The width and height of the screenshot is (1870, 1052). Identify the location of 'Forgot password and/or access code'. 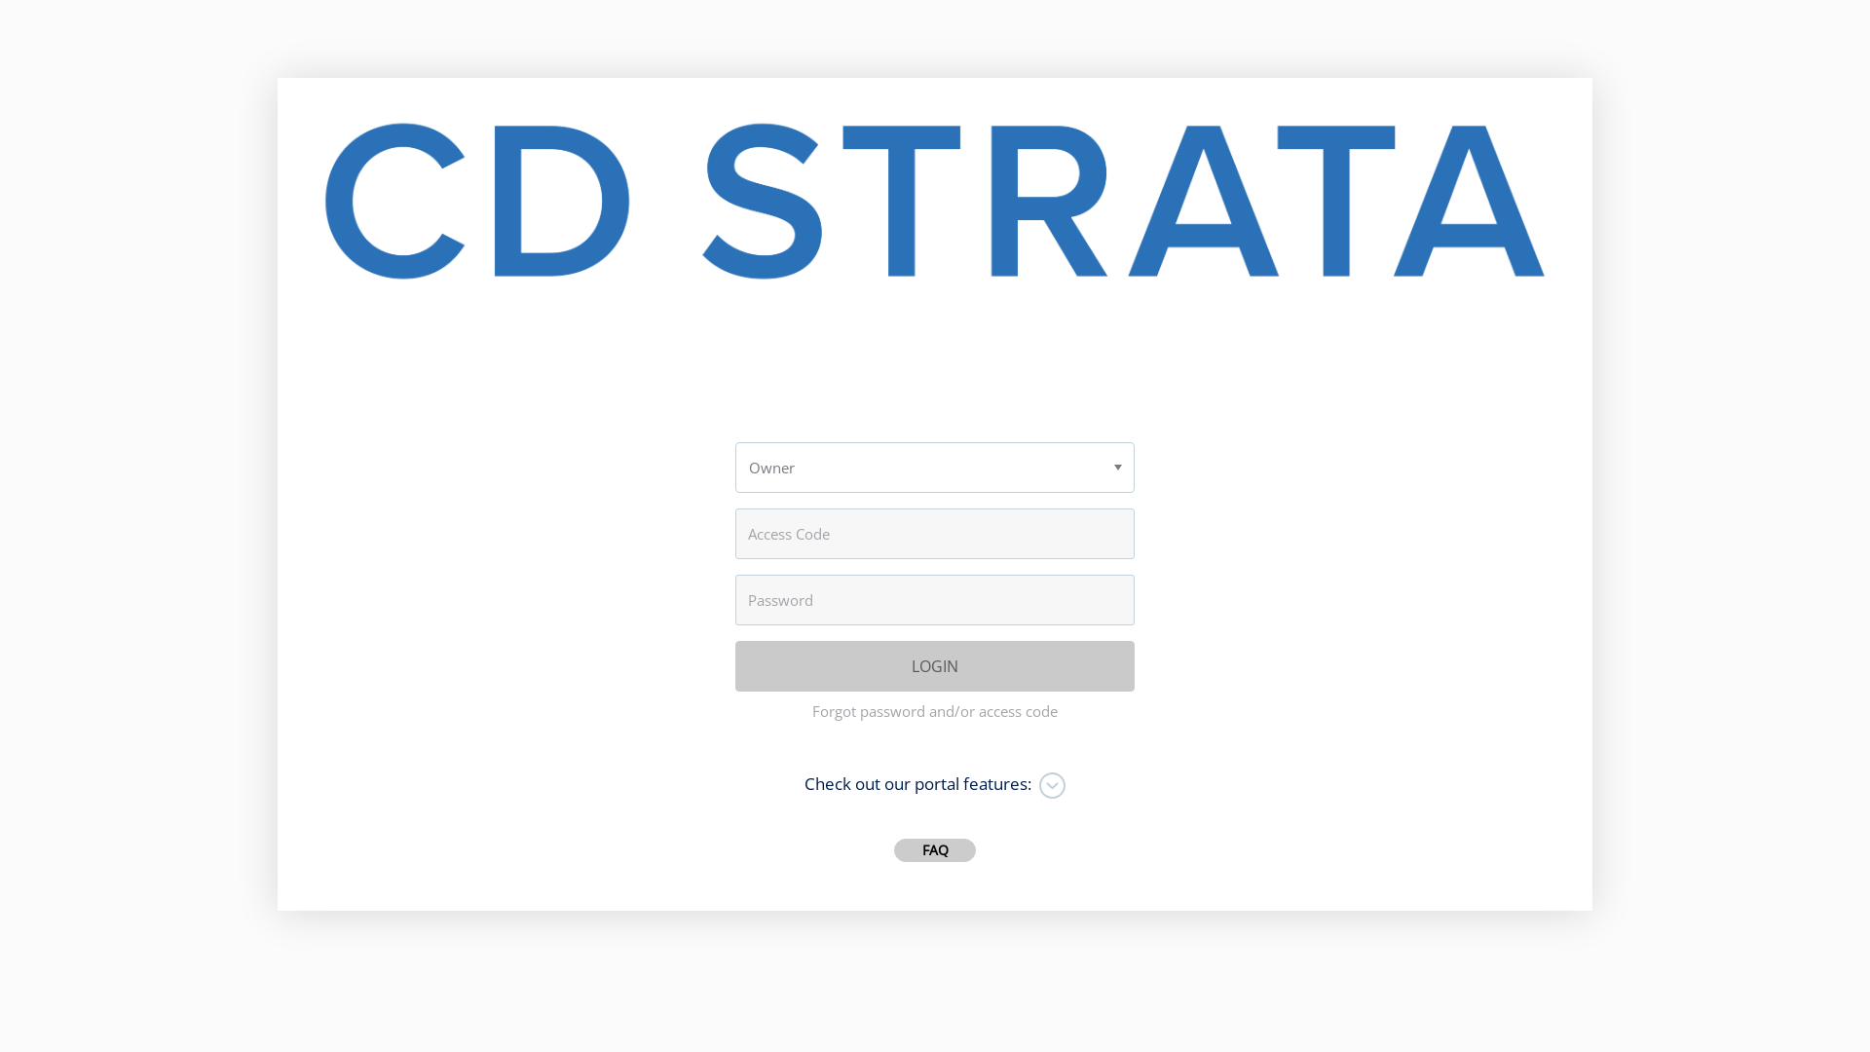
(812, 710).